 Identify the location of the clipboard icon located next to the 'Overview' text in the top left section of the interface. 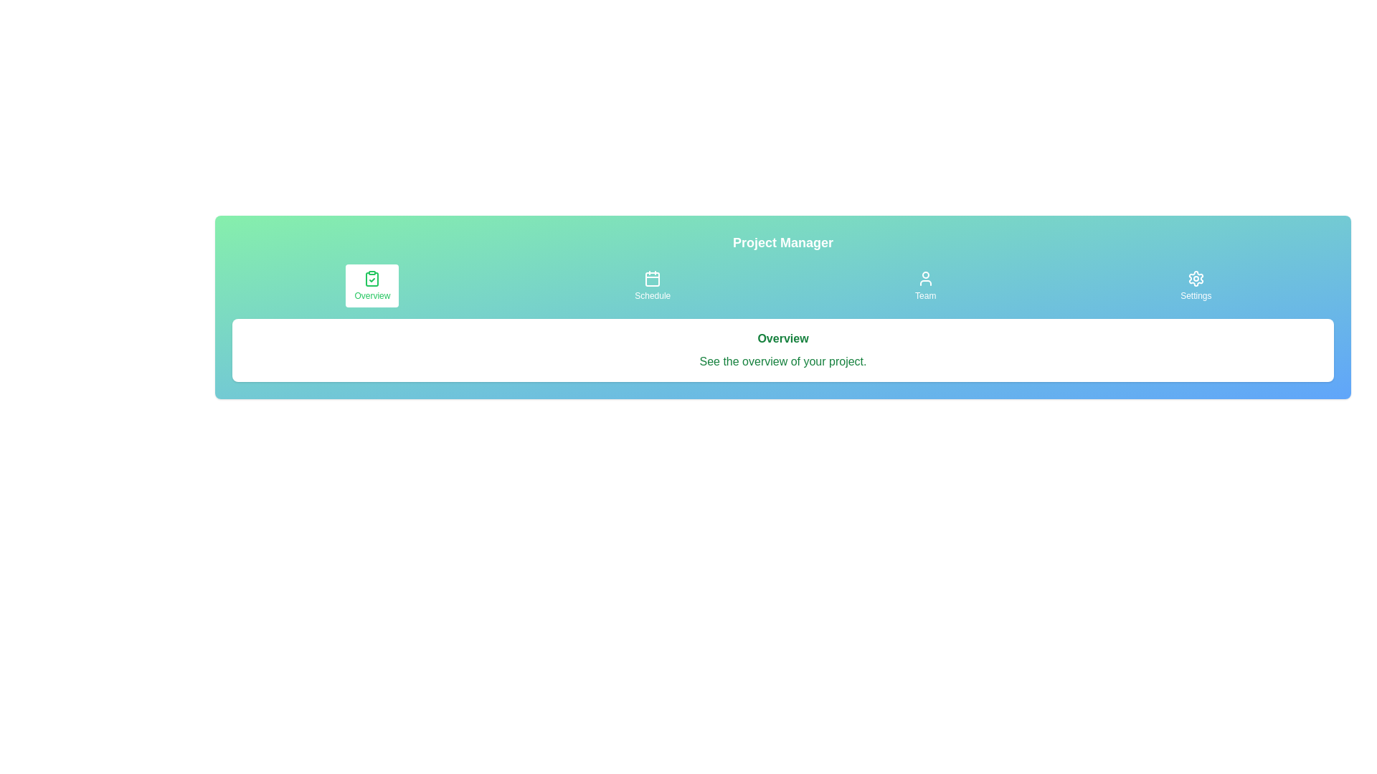
(372, 279).